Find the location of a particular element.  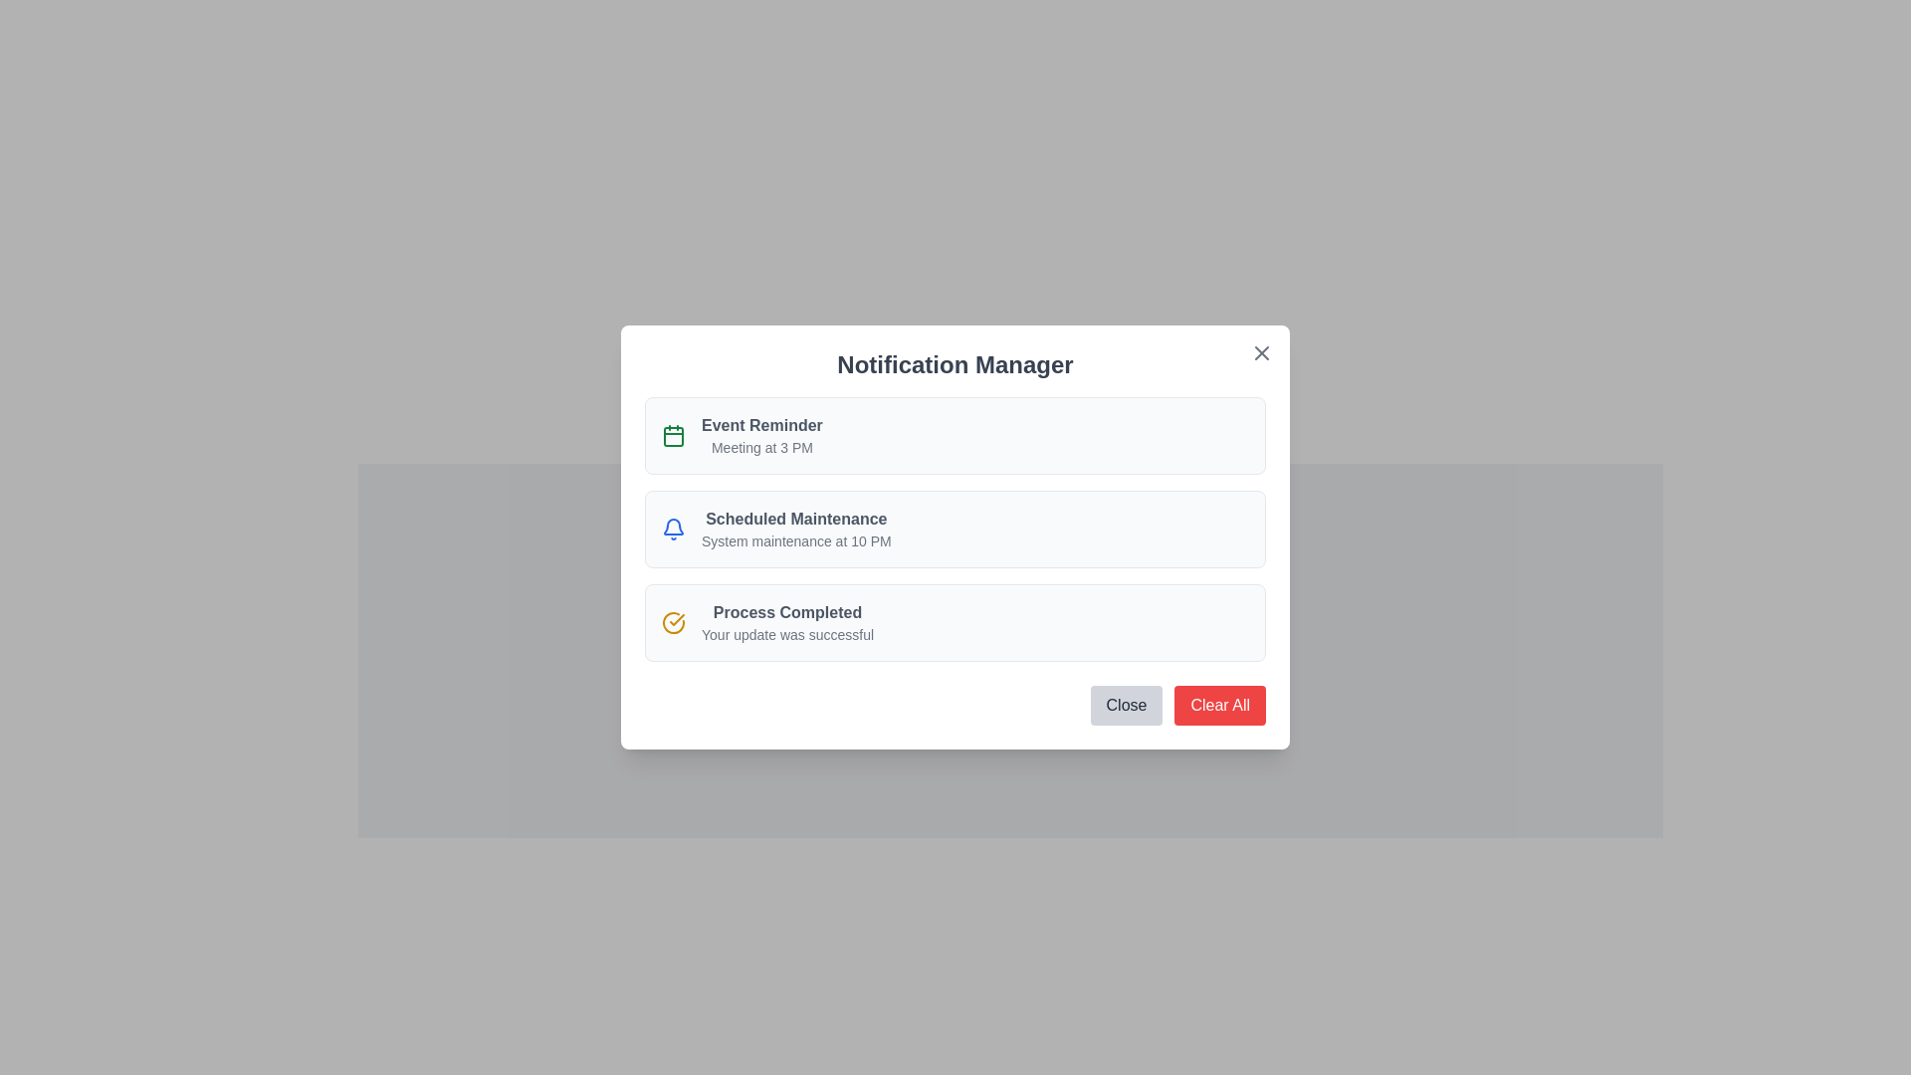

the text block displaying 'Scheduled Maintenance' in the Notification Manager modal, which consists of two lines of text with the first line in bold dark gray and the second line in smaller light gray is located at coordinates (796, 529).